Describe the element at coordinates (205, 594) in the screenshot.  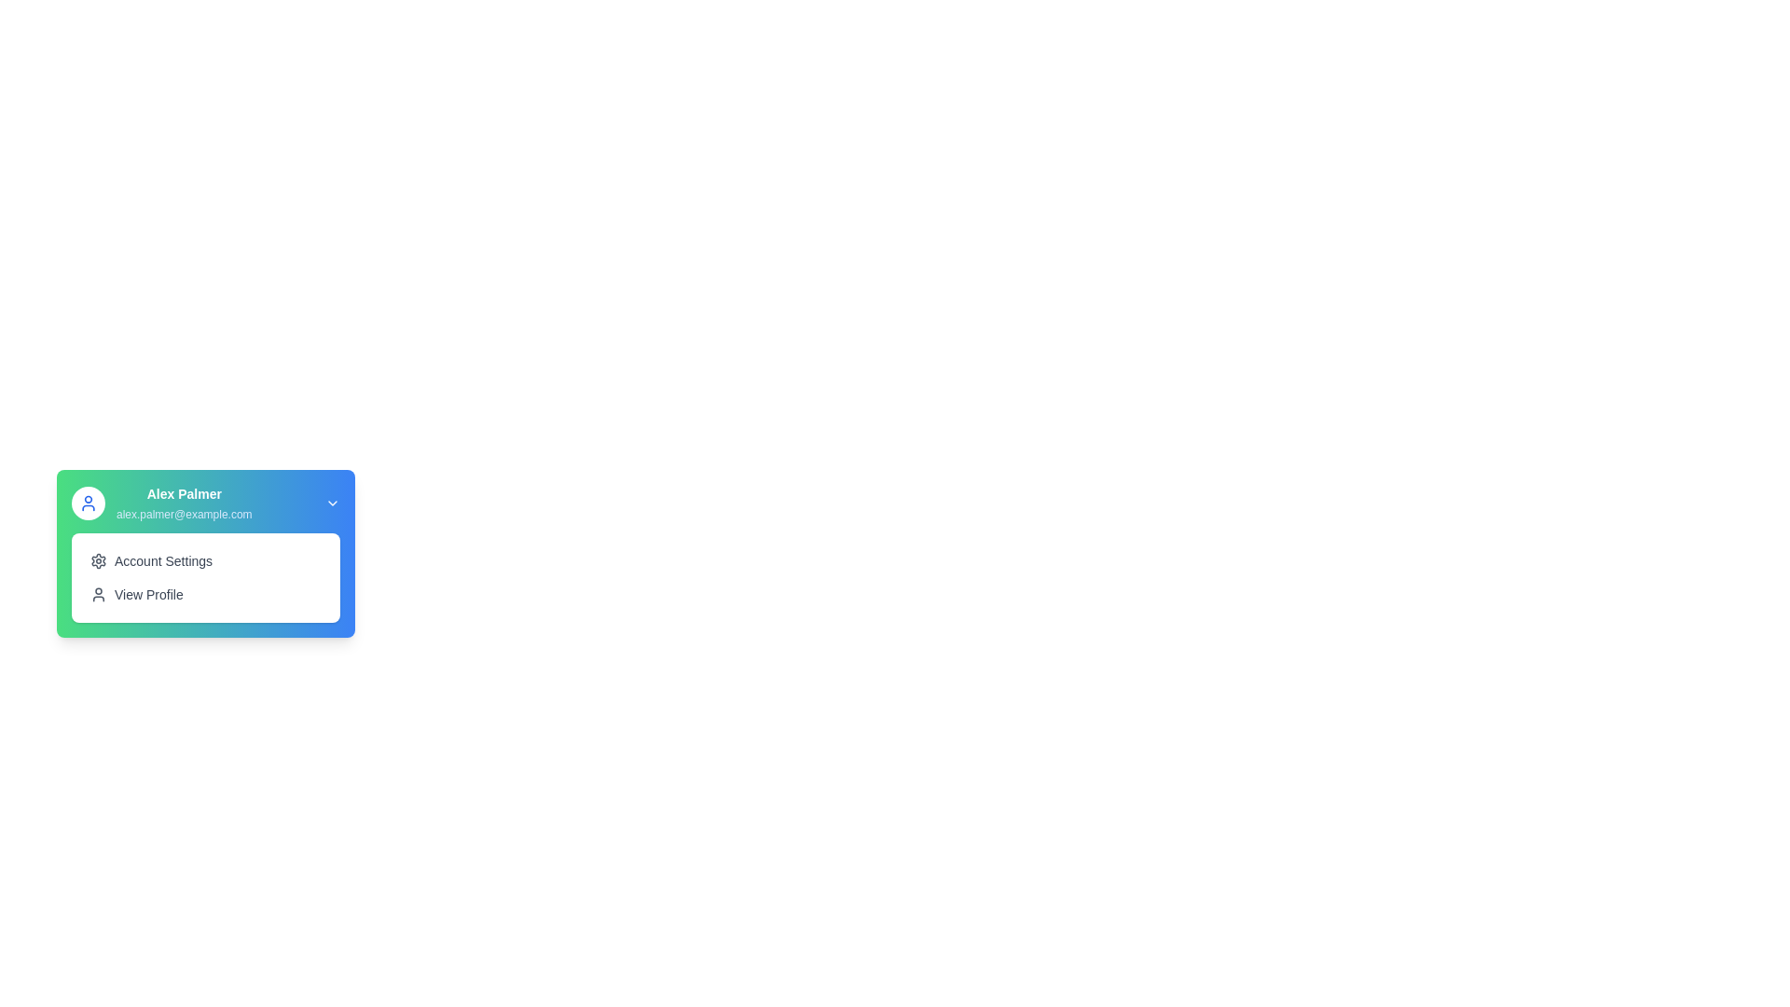
I see `the profile button located below the 'Account Settings' button in the menu` at that location.